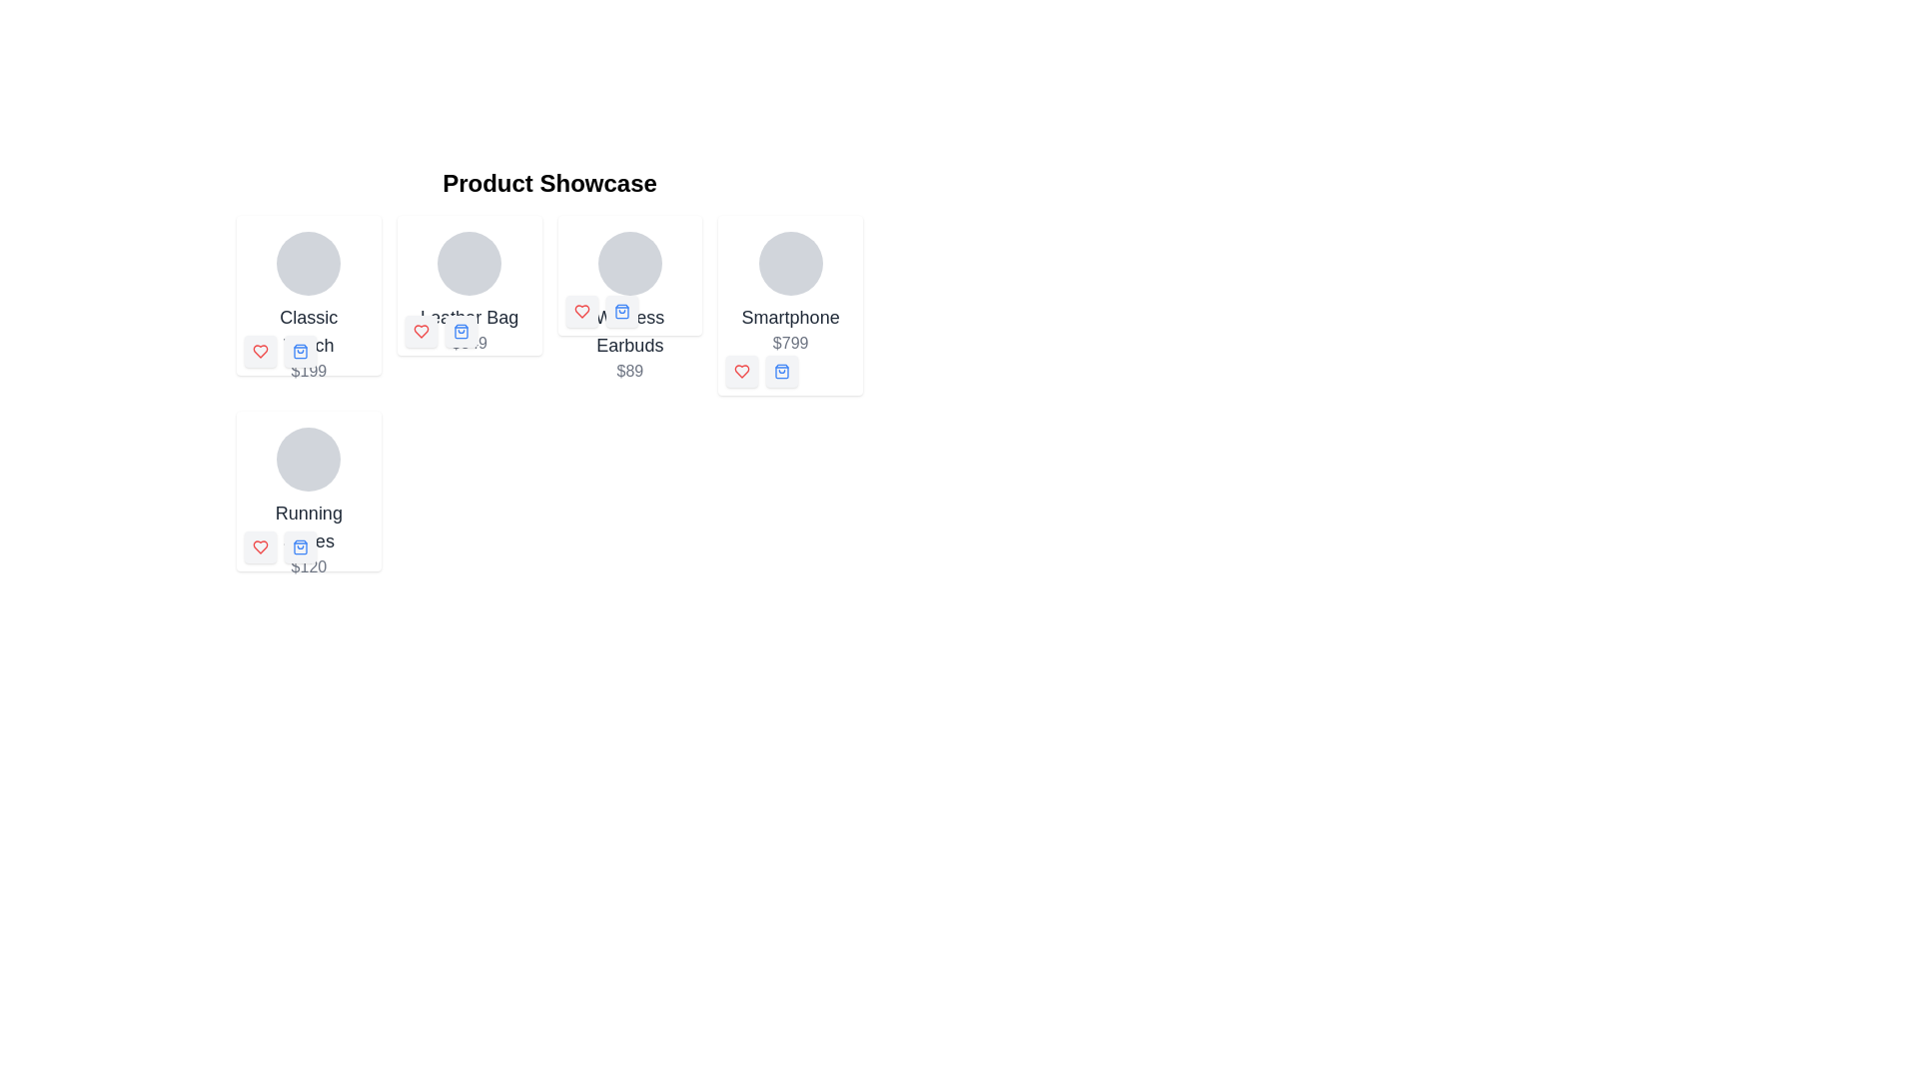 The image size is (1918, 1079). What do you see at coordinates (300, 546) in the screenshot?
I see `the add to shopping bag icon located at the bottom of the product card for 'Running Shoes'` at bounding box center [300, 546].